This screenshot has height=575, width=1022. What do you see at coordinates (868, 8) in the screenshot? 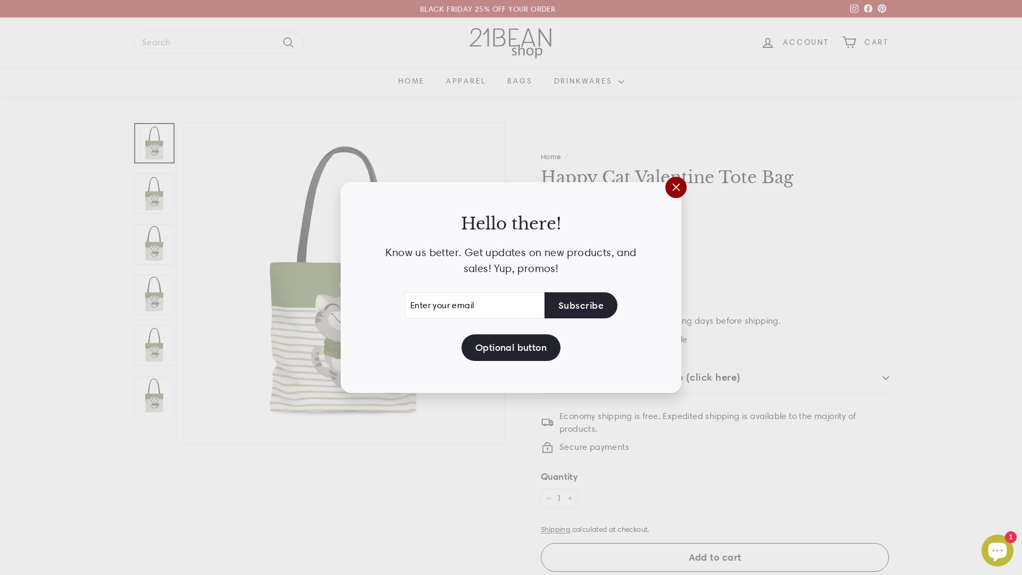
I see `'Facebook'` at bounding box center [868, 8].